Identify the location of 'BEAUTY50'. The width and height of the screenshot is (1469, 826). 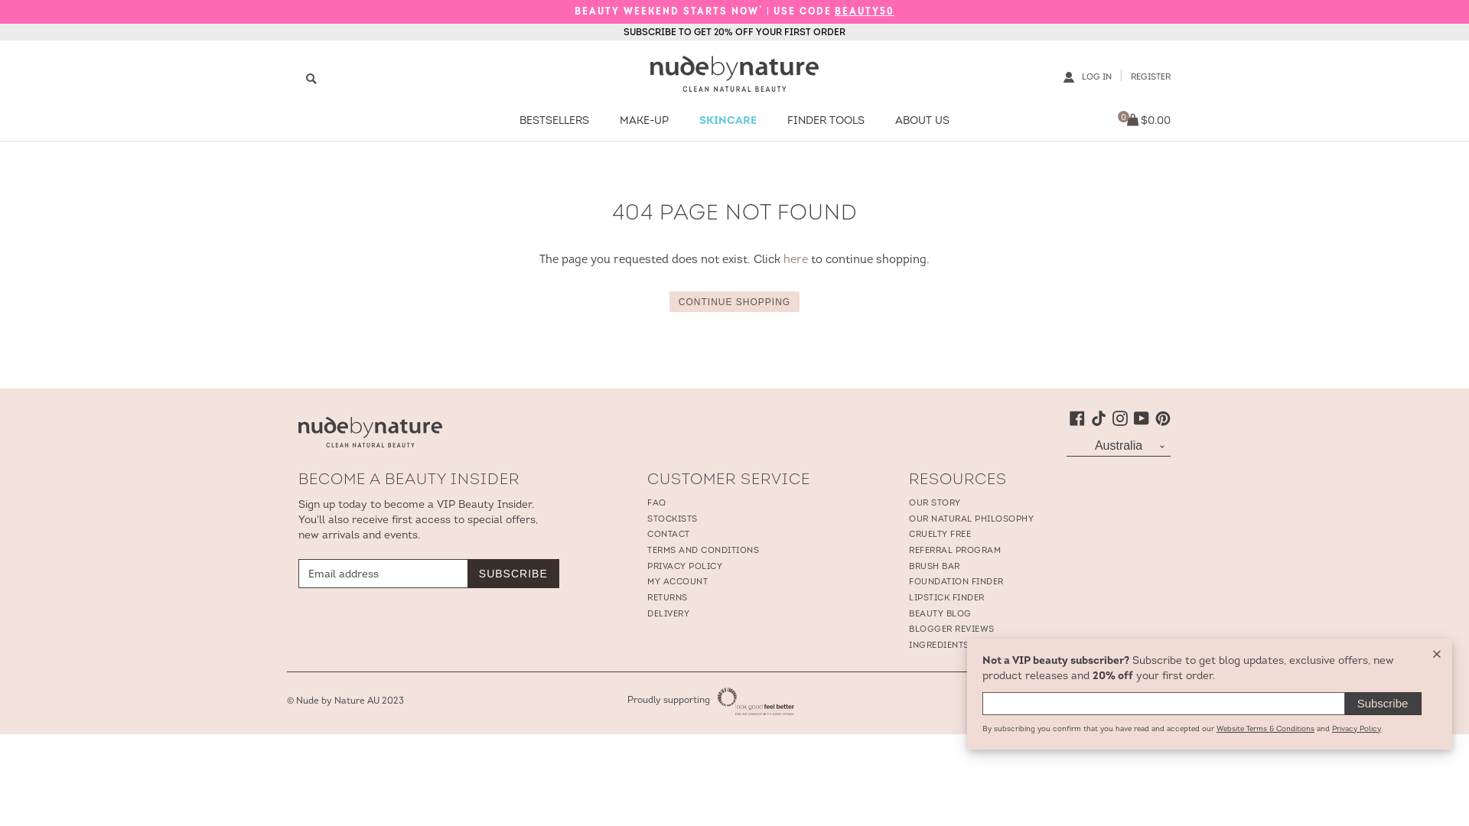
(864, 11).